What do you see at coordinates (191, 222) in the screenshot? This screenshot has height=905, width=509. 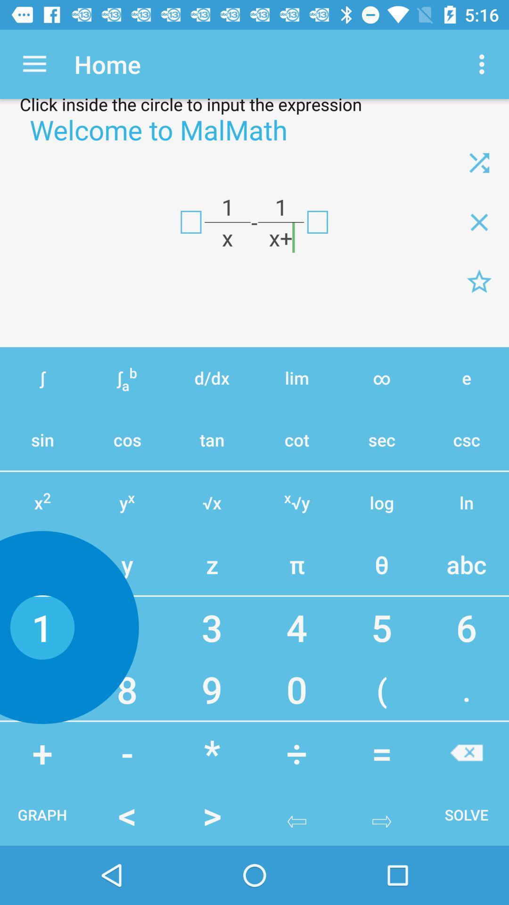 I see `insert mathematical variable field` at bounding box center [191, 222].